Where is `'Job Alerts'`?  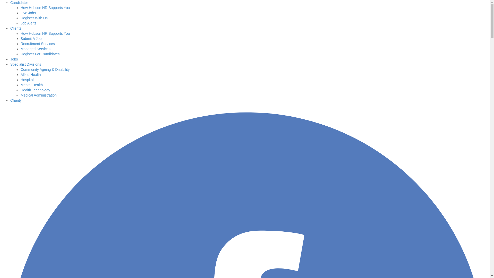
'Job Alerts' is located at coordinates (28, 23).